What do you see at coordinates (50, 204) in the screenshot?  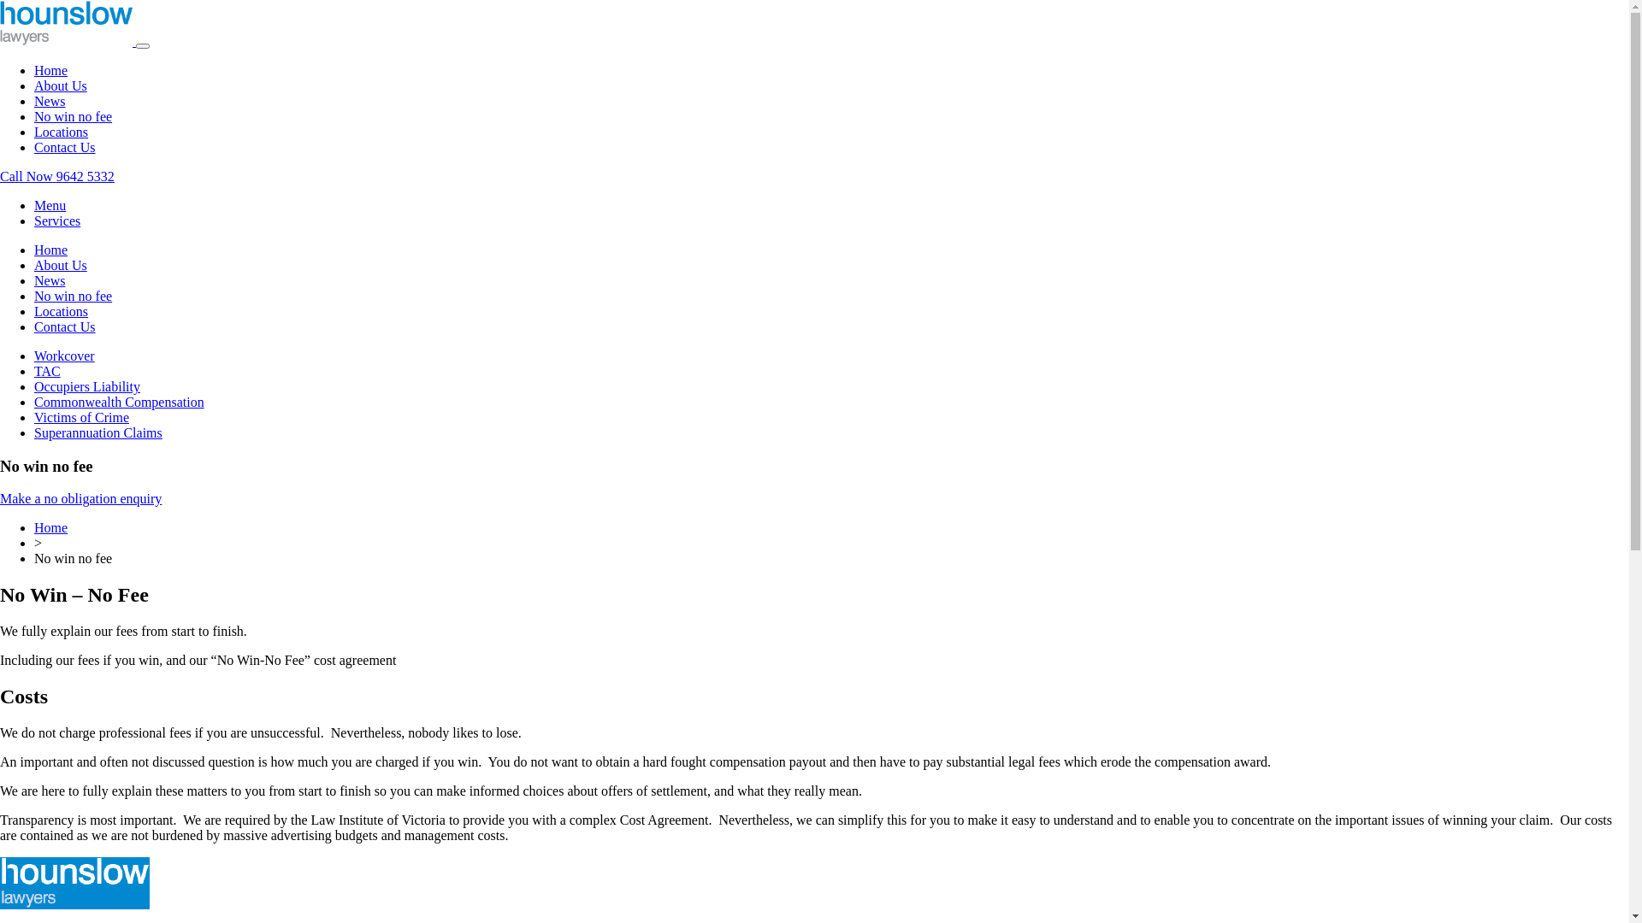 I see `'Menu'` at bounding box center [50, 204].